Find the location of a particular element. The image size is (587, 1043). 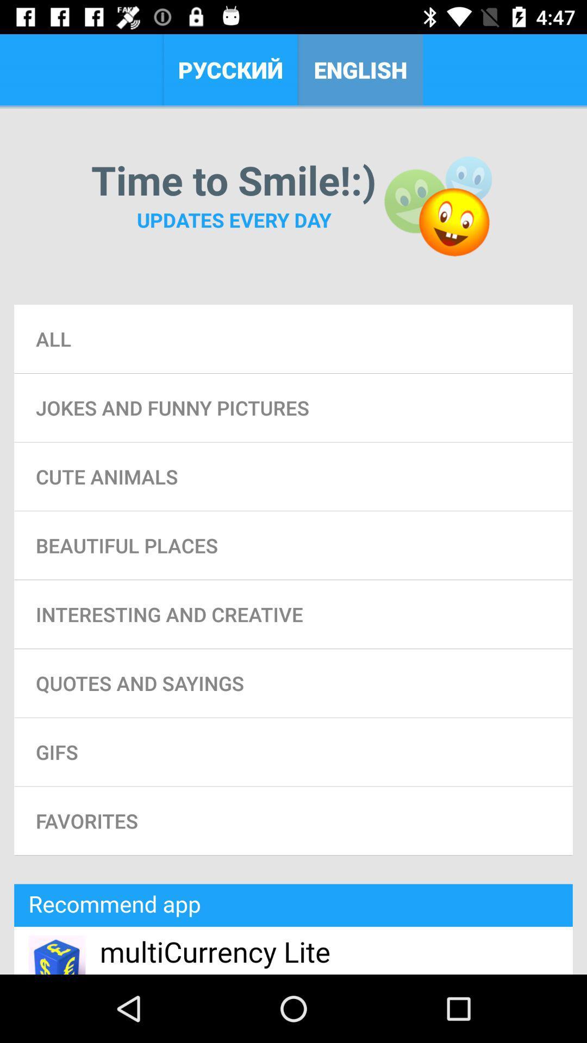

english item is located at coordinates (360, 69).